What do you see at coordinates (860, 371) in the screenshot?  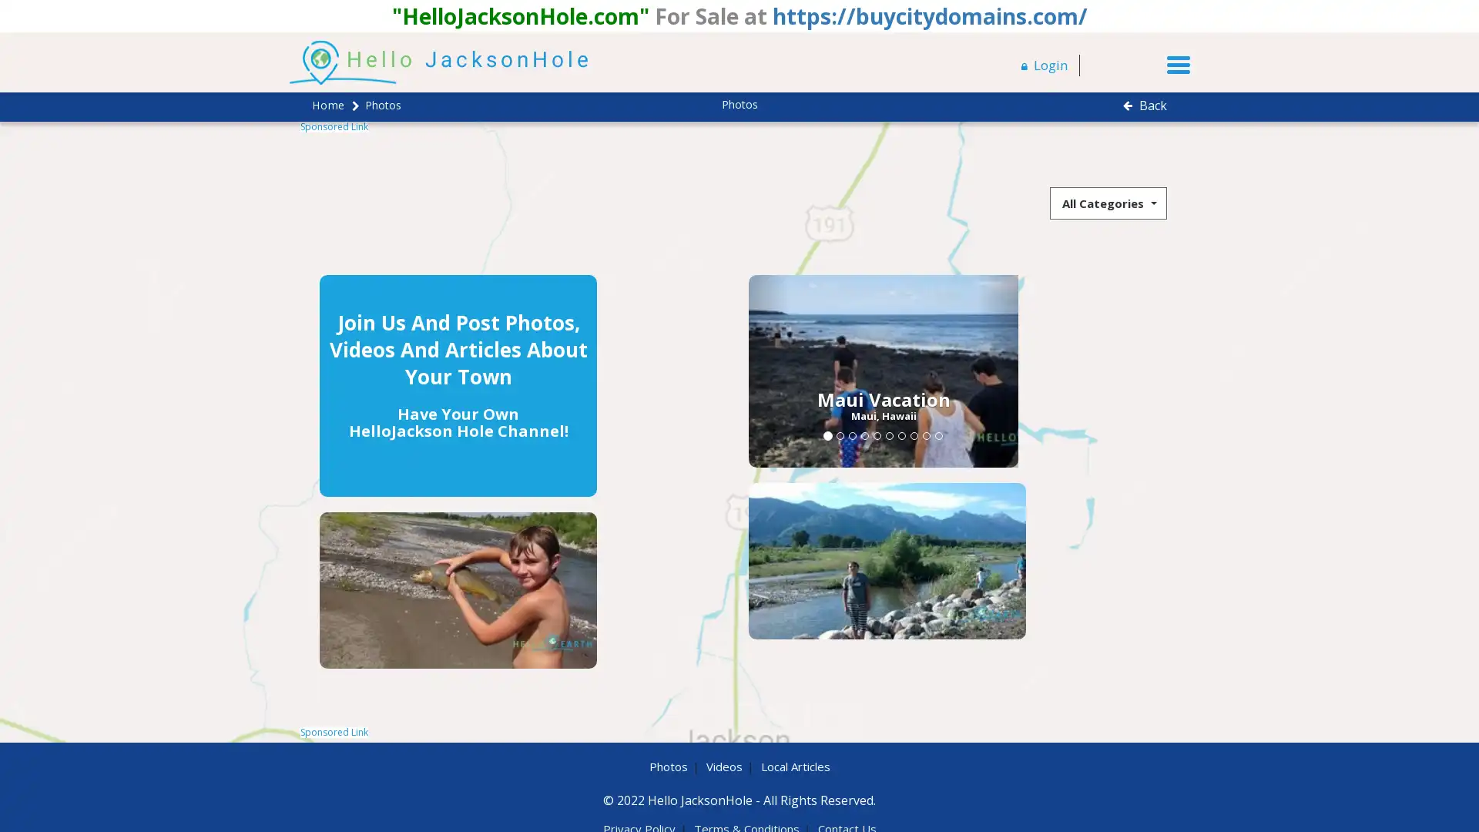 I see `Next` at bounding box center [860, 371].